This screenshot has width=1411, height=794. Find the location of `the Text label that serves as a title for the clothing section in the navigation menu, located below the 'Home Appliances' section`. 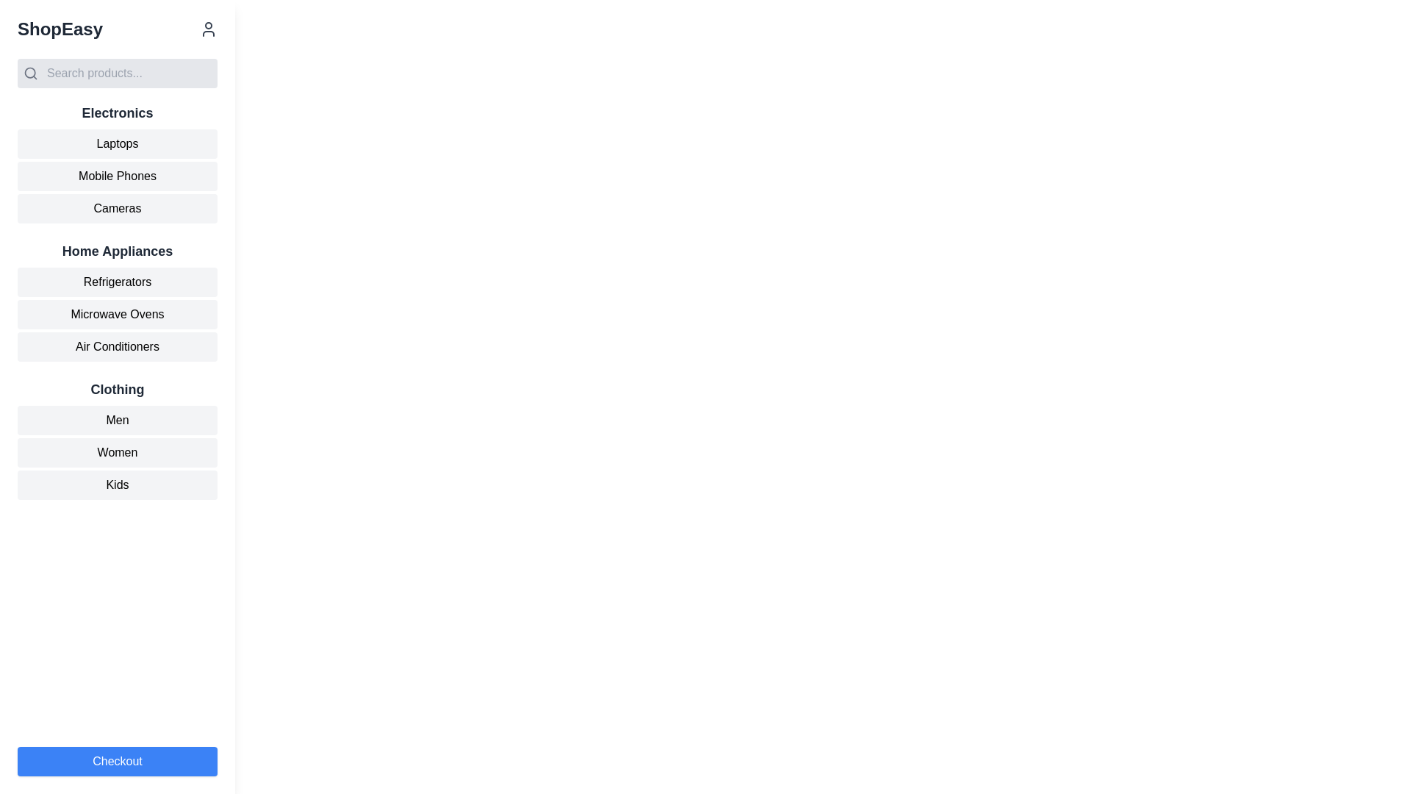

the Text label that serves as a title for the clothing section in the navigation menu, located below the 'Home Appliances' section is located at coordinates (116, 388).